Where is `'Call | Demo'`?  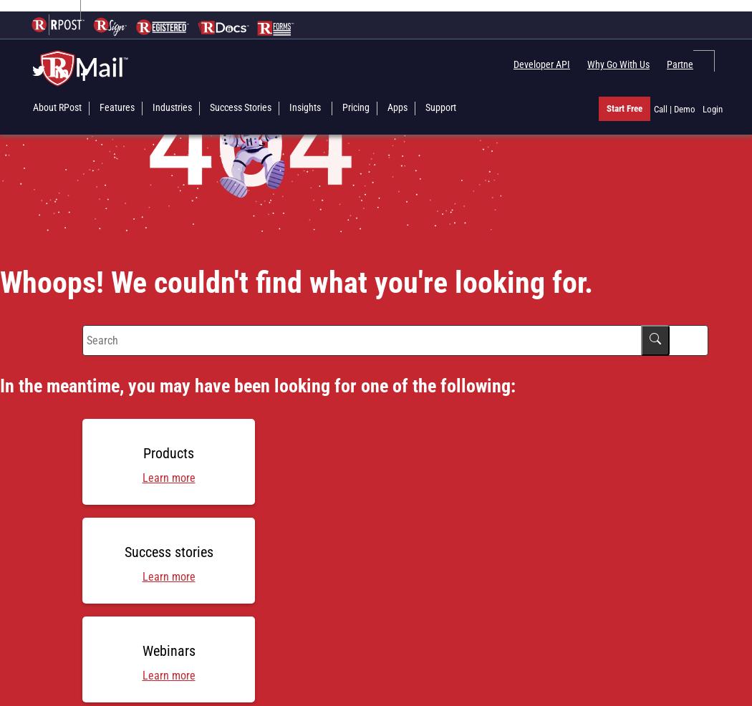
'Call | Demo' is located at coordinates (673, 108).